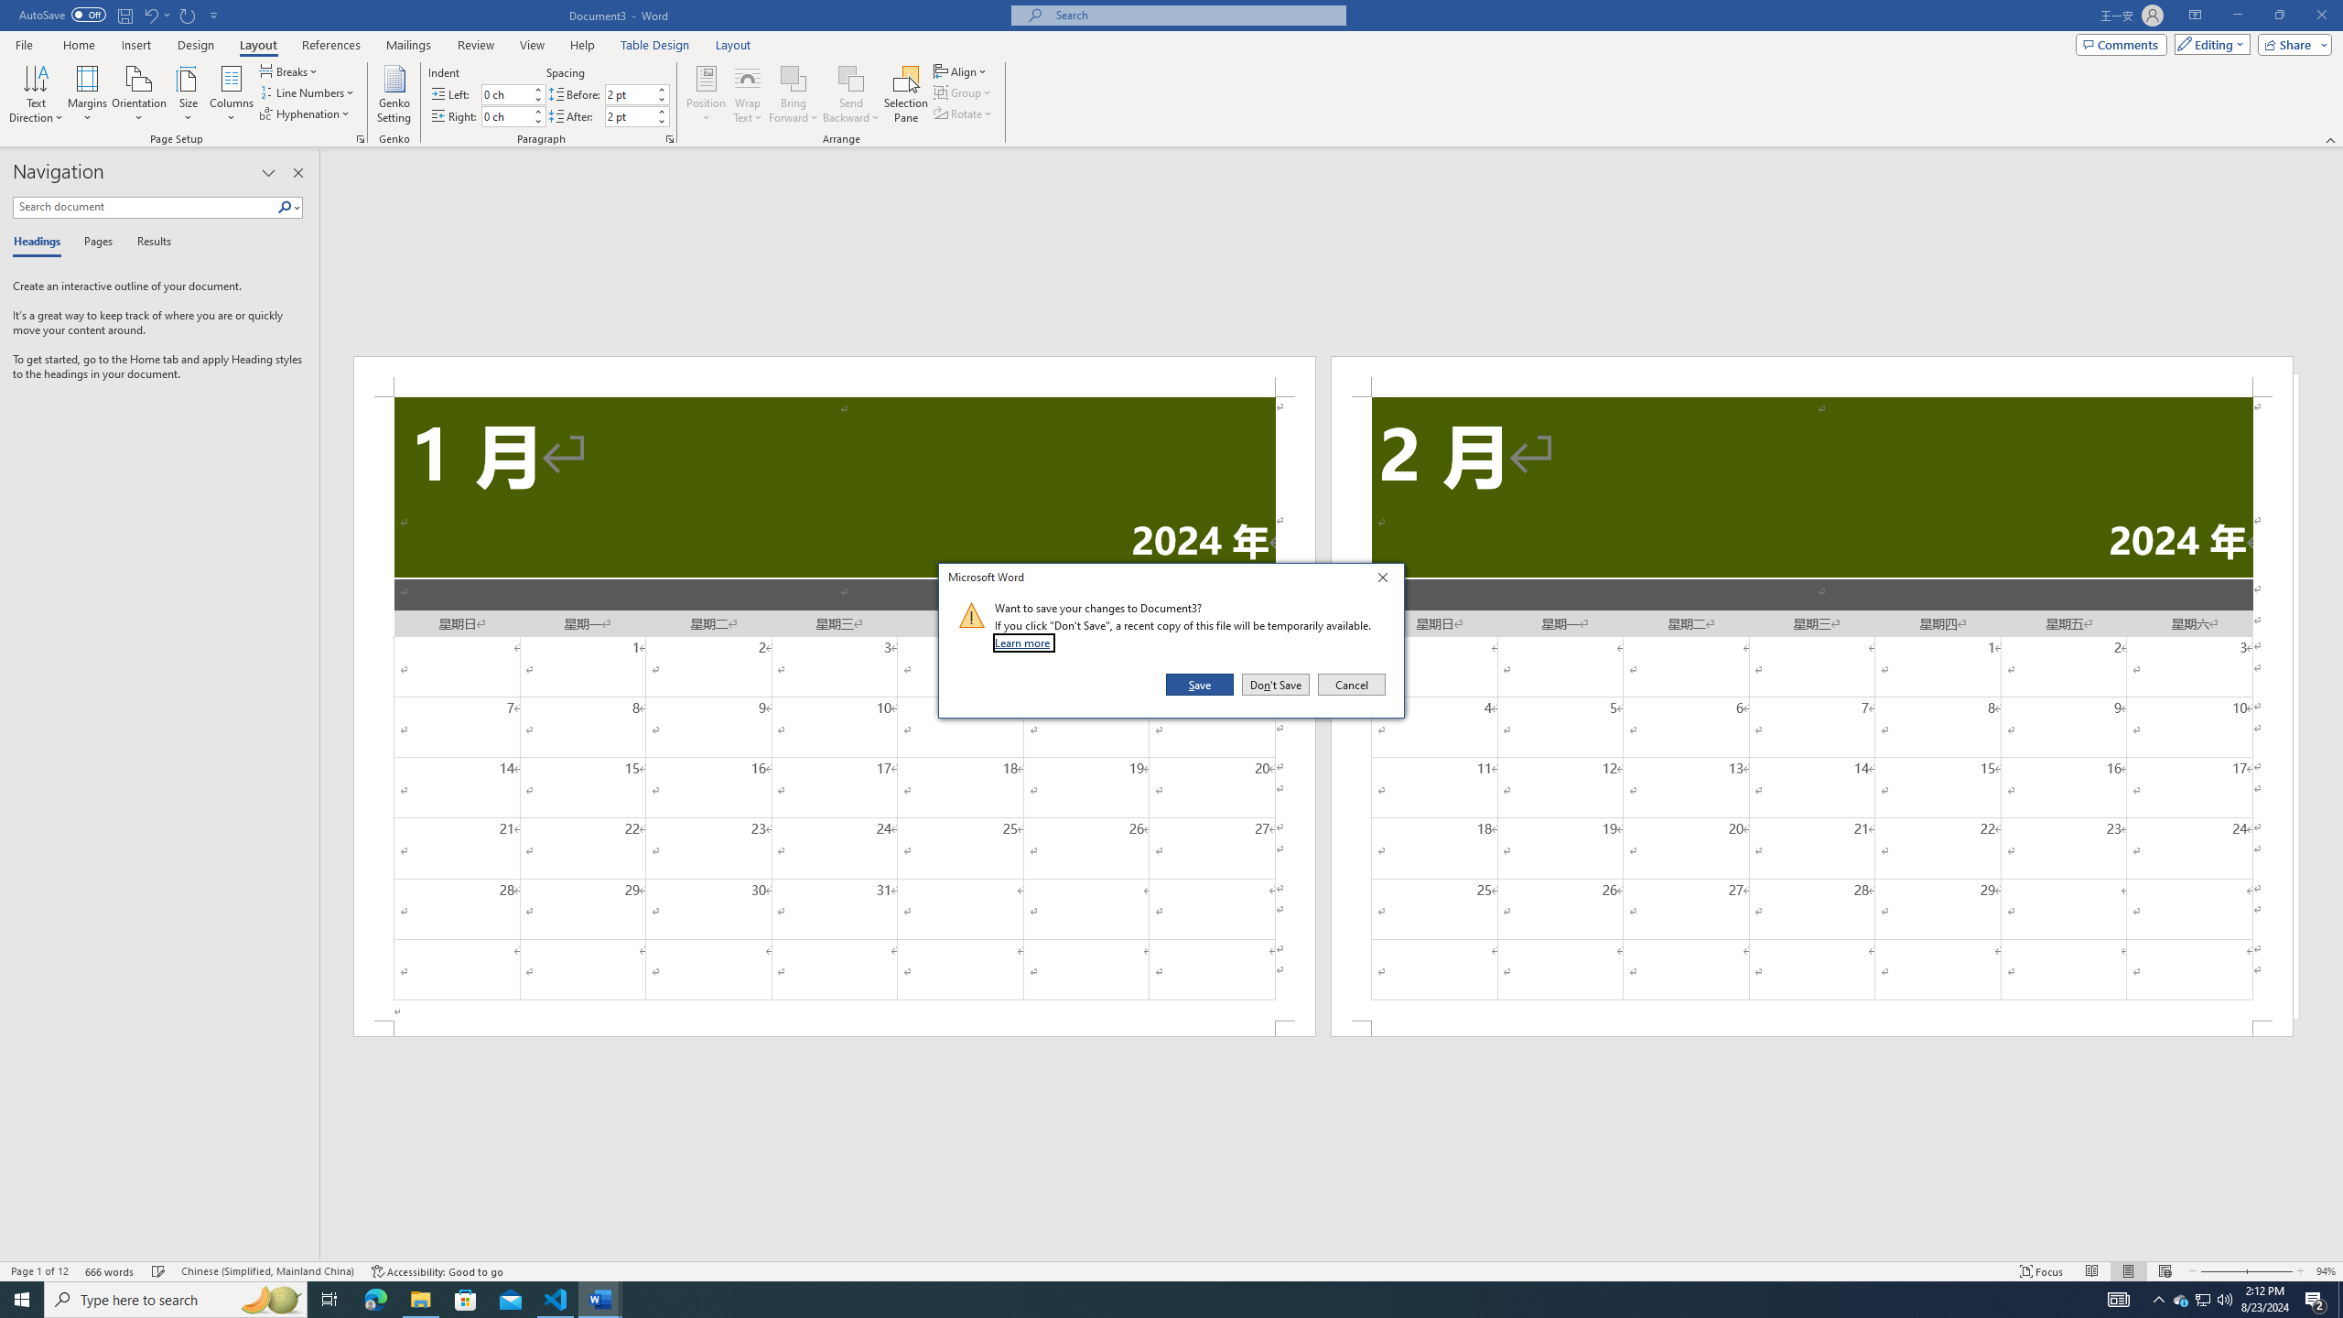 The height and width of the screenshot is (1318, 2343). I want to click on 'Q2790: 100%', so click(2223, 1298).